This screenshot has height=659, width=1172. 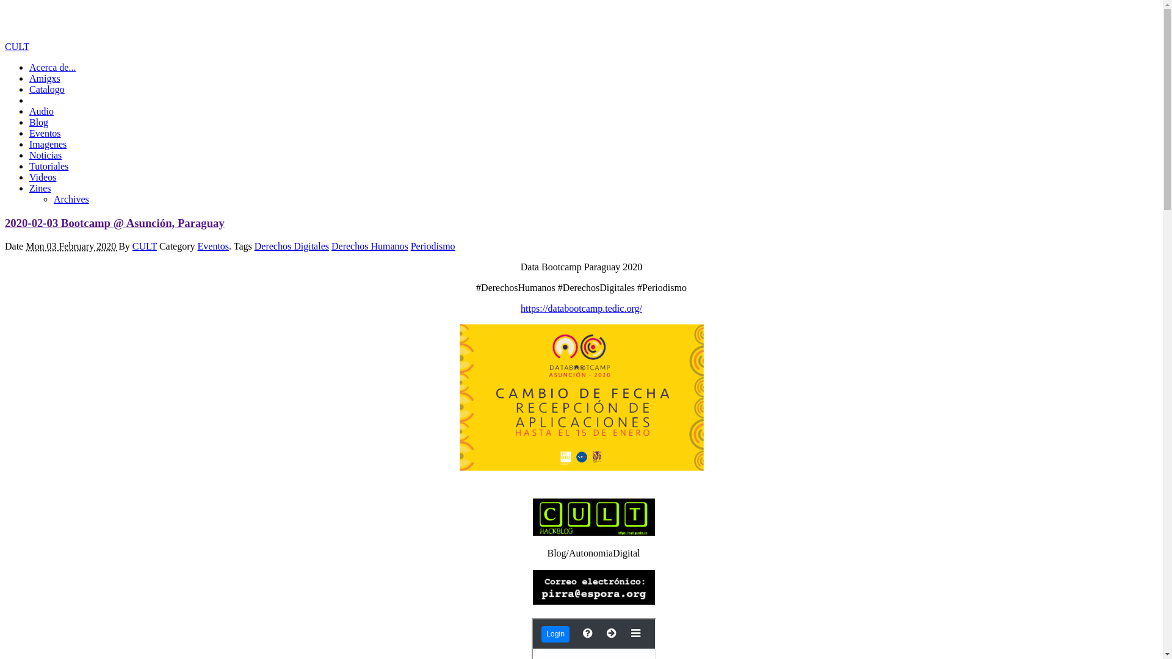 I want to click on 'Derechos Humanos', so click(x=369, y=246).